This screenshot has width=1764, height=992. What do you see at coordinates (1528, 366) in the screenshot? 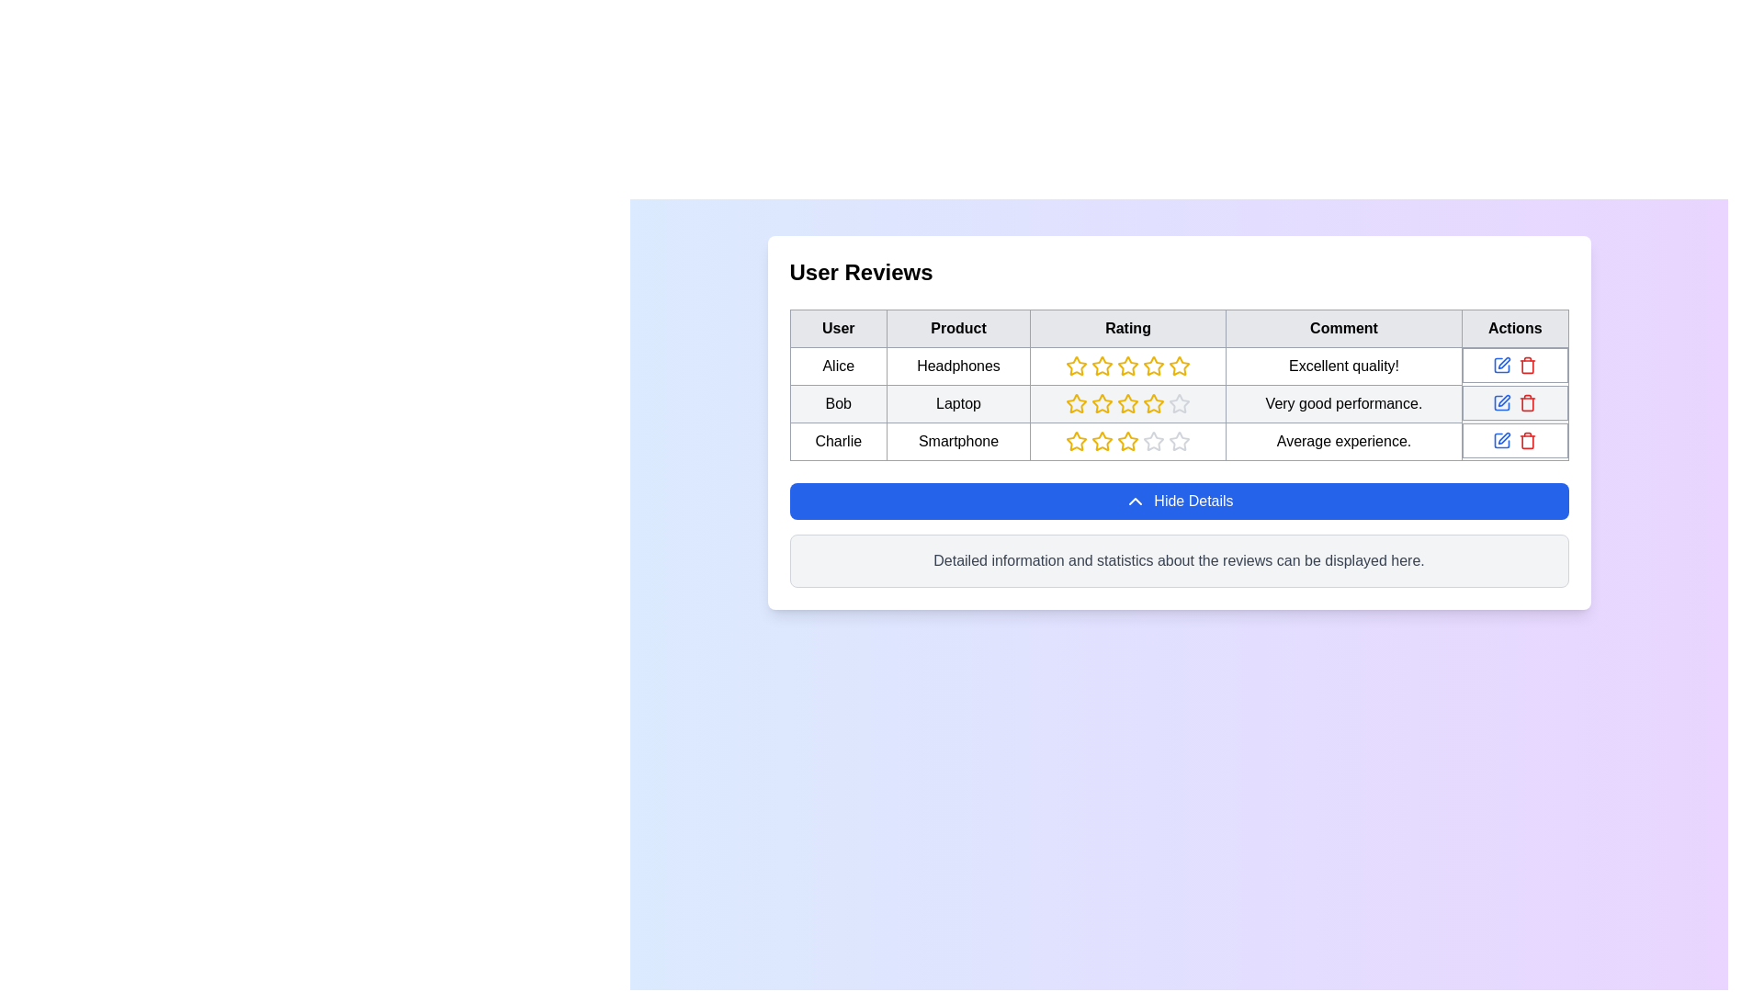
I see `properties of the central vertical rectangle in the trash icon, which represents a delete action in the user review table` at bounding box center [1528, 366].